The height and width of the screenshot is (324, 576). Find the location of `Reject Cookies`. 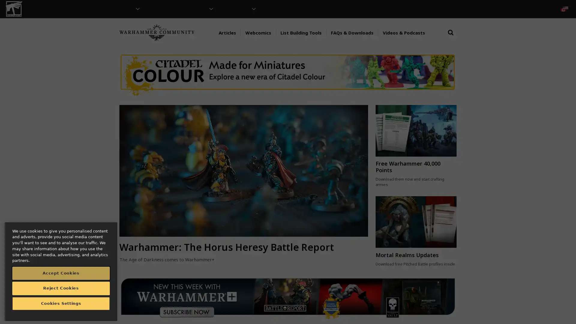

Reject Cookies is located at coordinates (61, 288).